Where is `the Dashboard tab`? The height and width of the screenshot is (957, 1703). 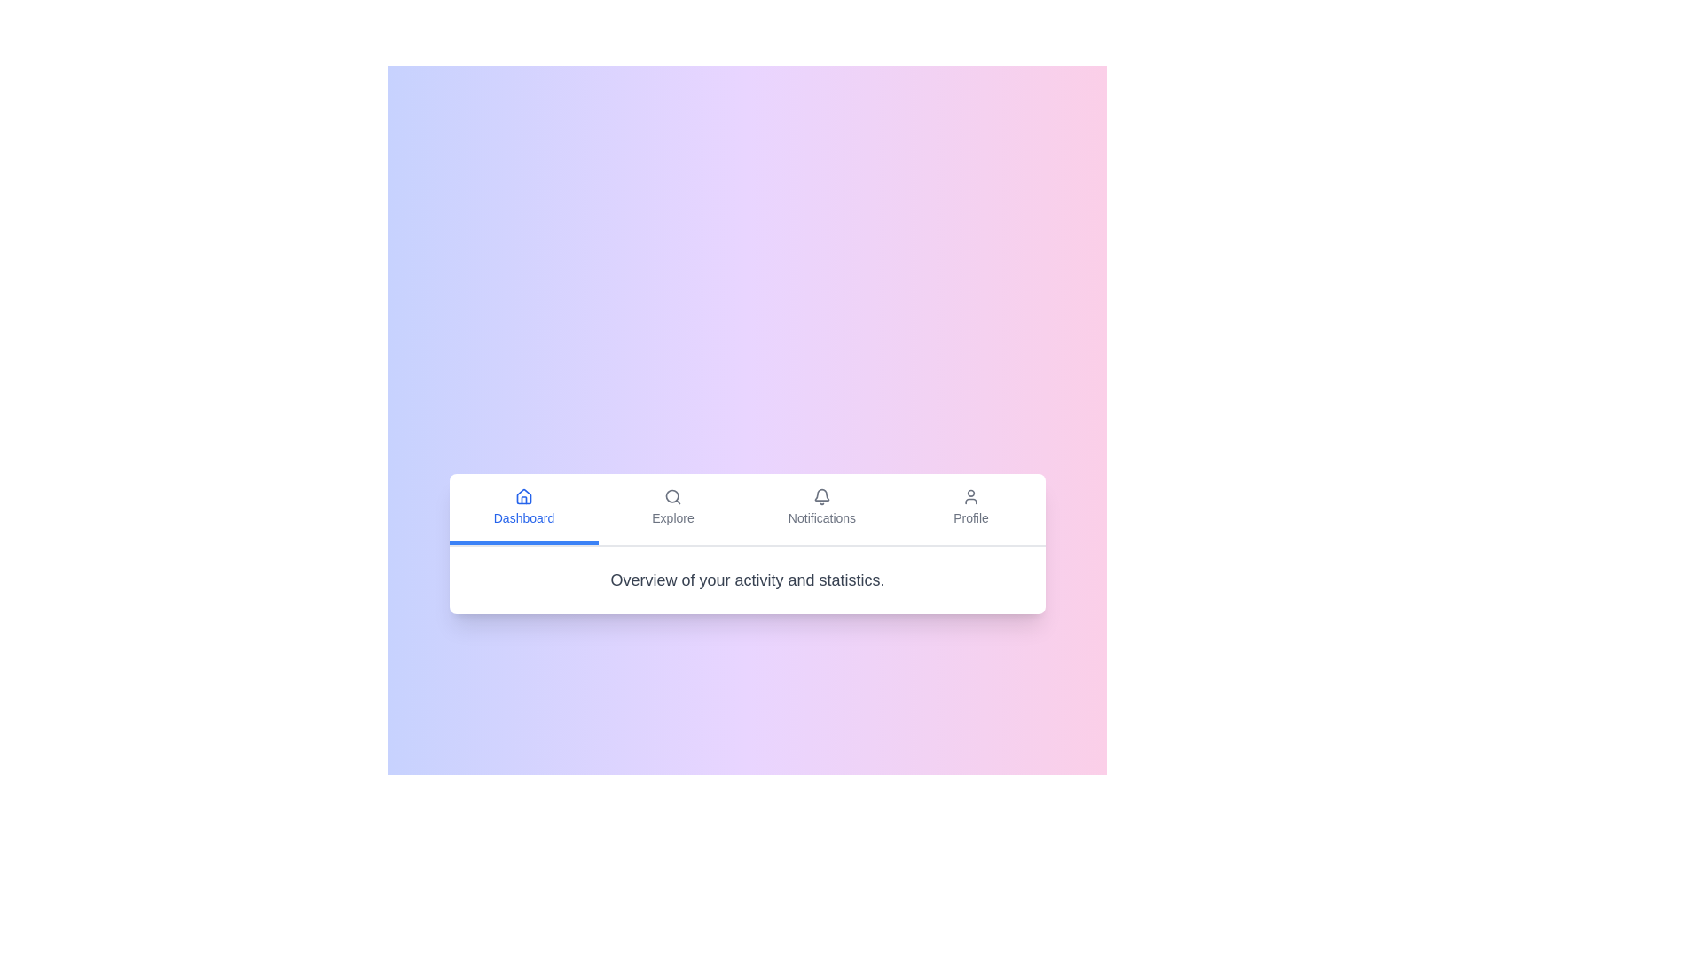 the Dashboard tab is located at coordinates (522, 509).